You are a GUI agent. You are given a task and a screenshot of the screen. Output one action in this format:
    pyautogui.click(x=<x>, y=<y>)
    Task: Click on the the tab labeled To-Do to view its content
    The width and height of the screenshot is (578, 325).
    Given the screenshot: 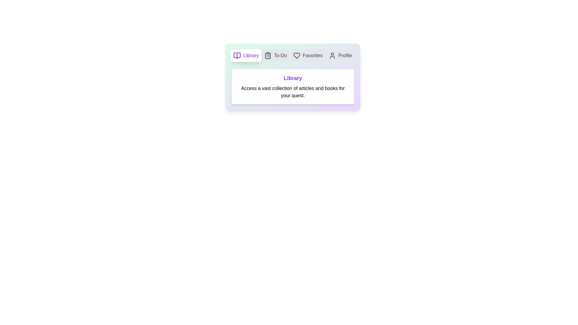 What is the action you would take?
    pyautogui.click(x=275, y=56)
    